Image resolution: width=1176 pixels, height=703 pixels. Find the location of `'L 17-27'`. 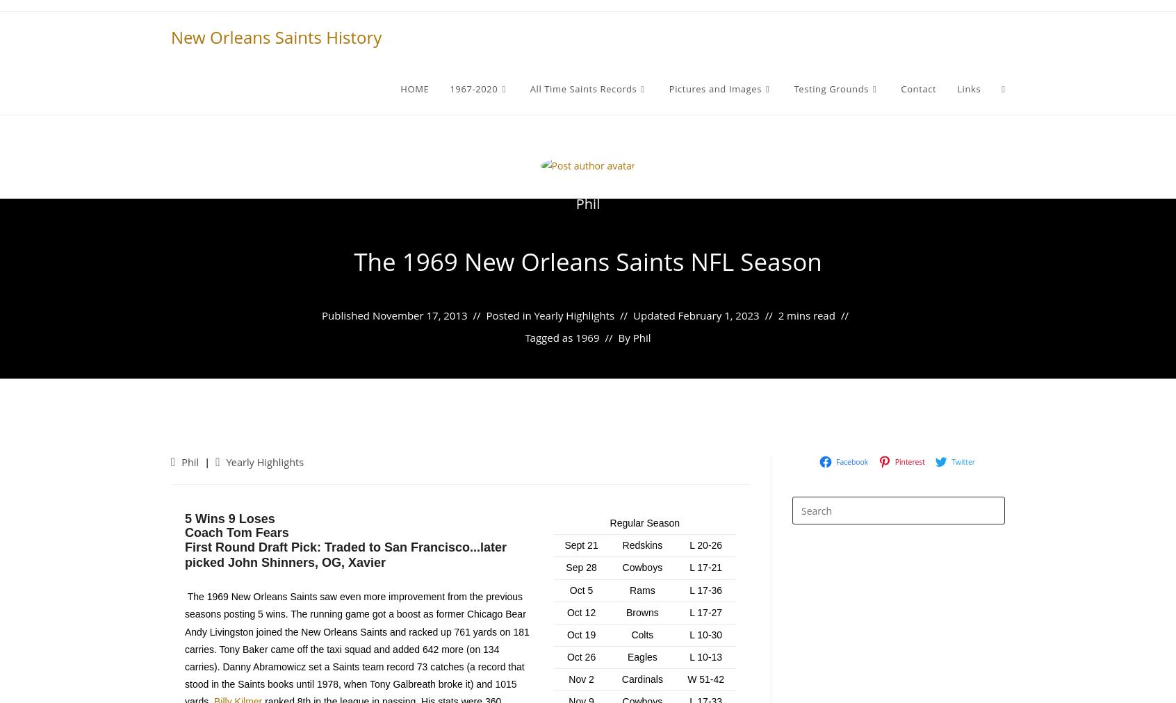

'L 17-27' is located at coordinates (689, 611).